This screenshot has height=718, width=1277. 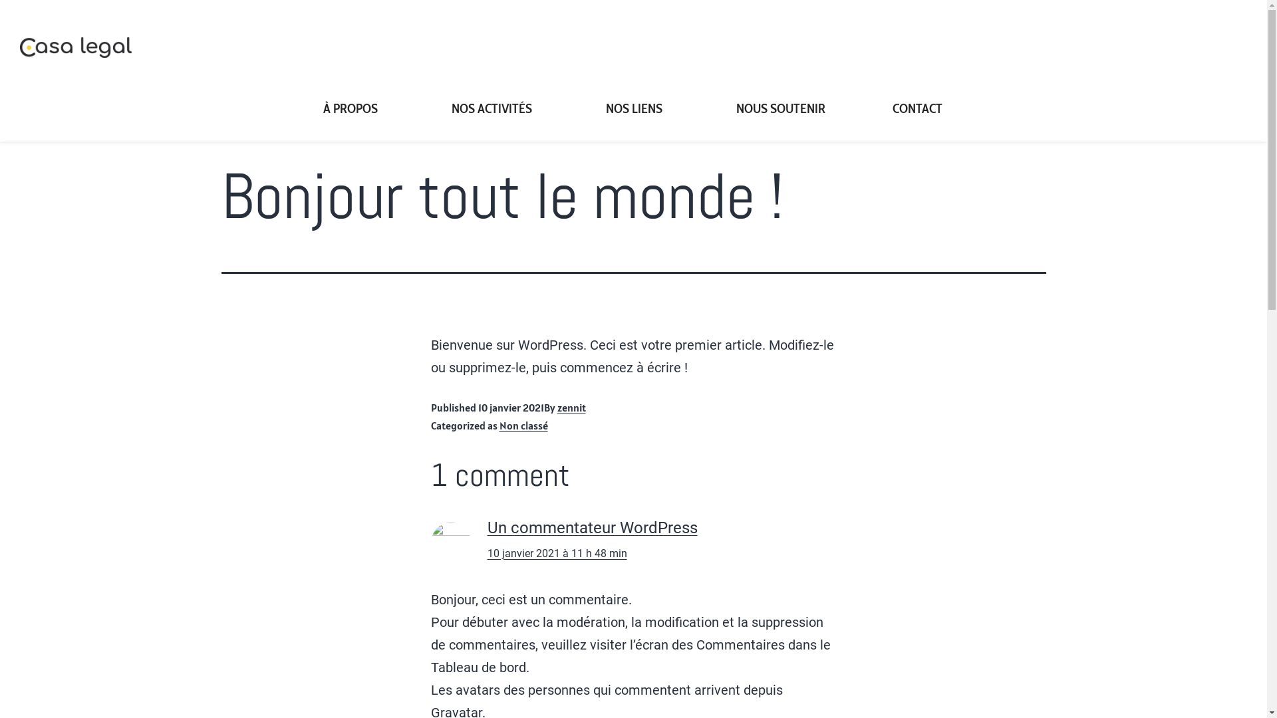 What do you see at coordinates (917, 107) in the screenshot?
I see `'CONTACT'` at bounding box center [917, 107].